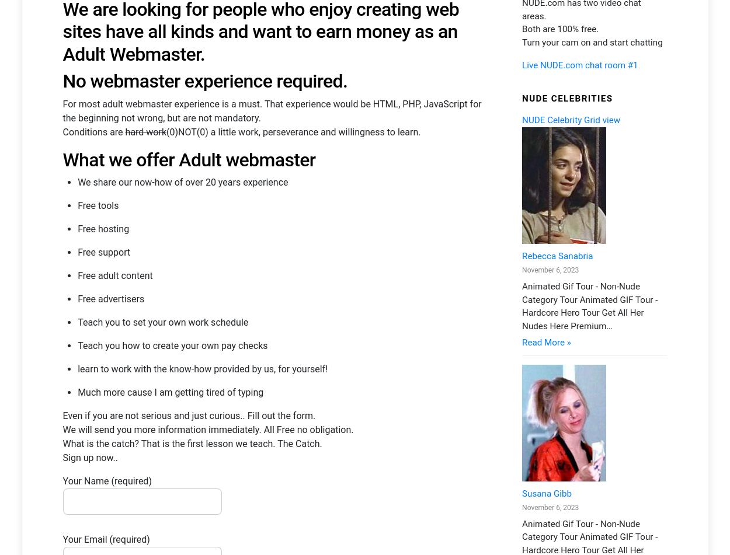  What do you see at coordinates (522, 226) in the screenshot?
I see `'NUDE Celebrity Grid view'` at bounding box center [522, 226].